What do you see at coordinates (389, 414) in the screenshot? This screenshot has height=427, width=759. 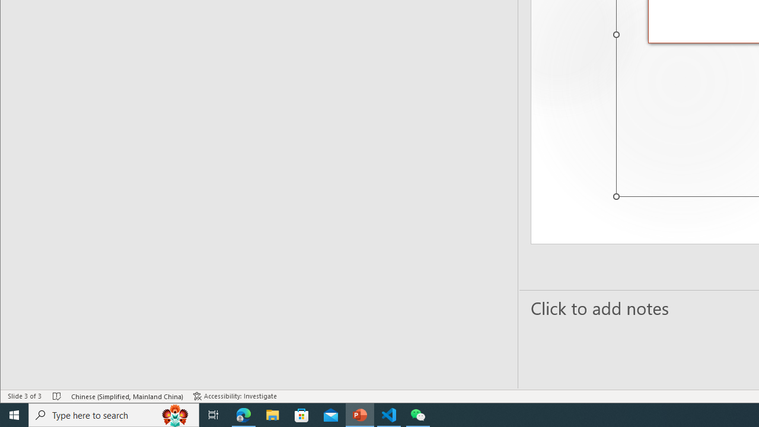 I see `'Visual Studio Code - 1 running window'` at bounding box center [389, 414].